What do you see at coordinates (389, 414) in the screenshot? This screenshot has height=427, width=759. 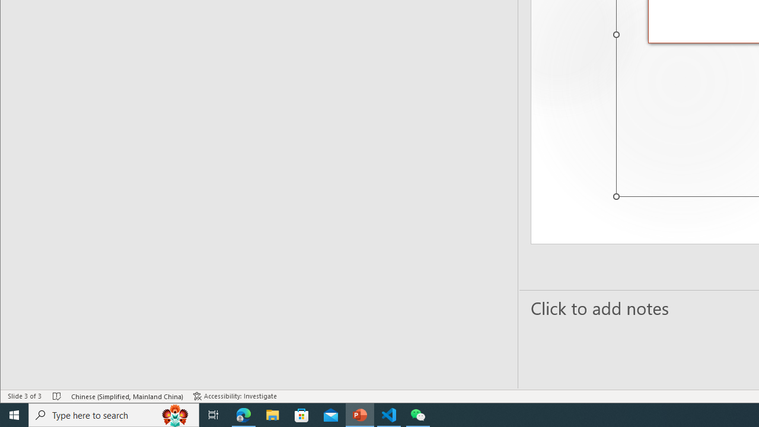 I see `'Visual Studio Code - 1 running window'` at bounding box center [389, 414].